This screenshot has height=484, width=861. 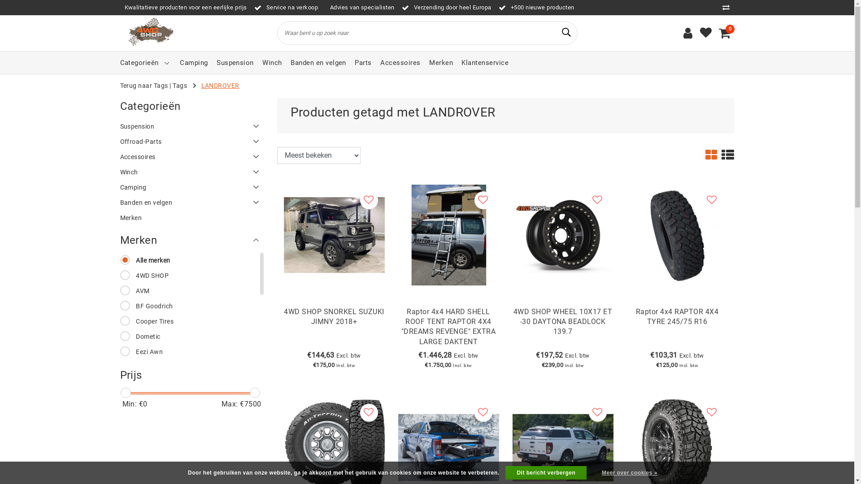 I want to click on 'Accessoires', so click(x=400, y=62).